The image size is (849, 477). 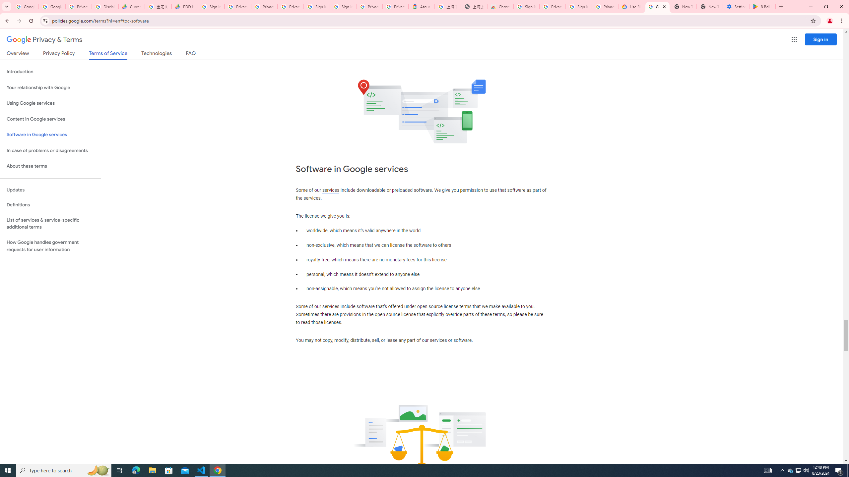 What do you see at coordinates (343, 6) in the screenshot?
I see `'Sign in - Google Accounts'` at bounding box center [343, 6].